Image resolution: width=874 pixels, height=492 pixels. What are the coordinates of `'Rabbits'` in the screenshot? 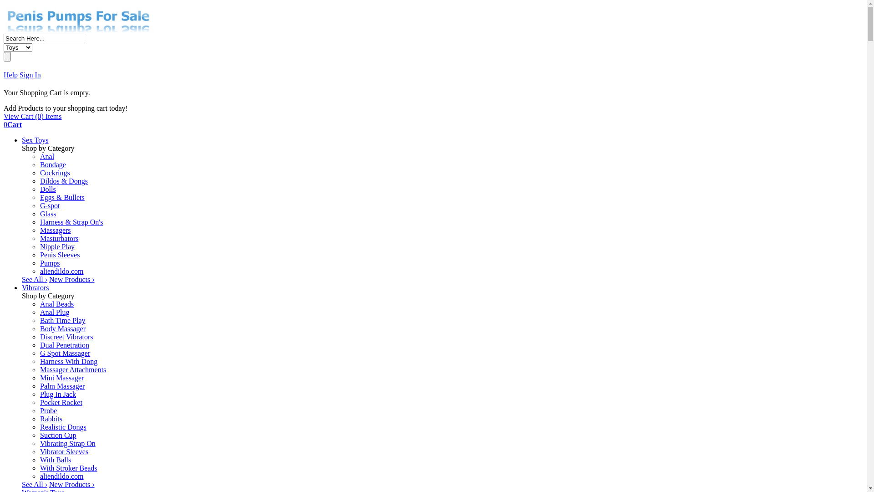 It's located at (51, 419).